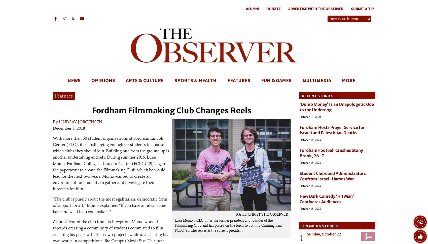 The width and height of the screenshot is (428, 244). Describe the element at coordinates (262, 214) in the screenshot. I see `'KATIE CHRIST/THE OBSERVER'` at that location.